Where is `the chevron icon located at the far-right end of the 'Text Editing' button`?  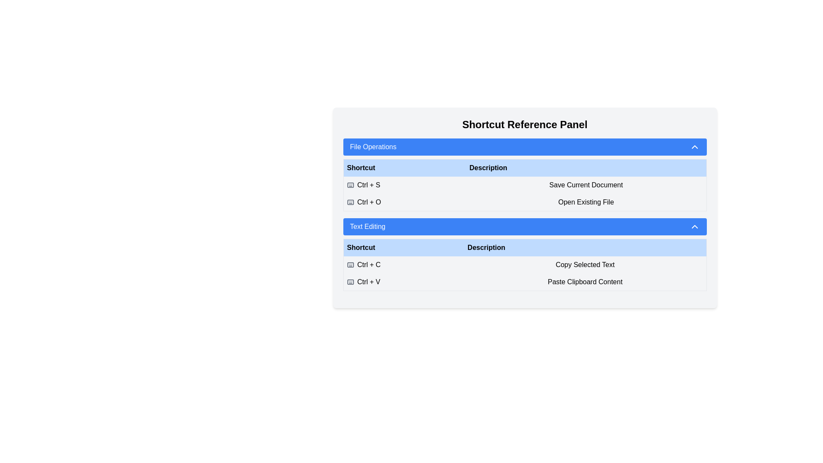
the chevron icon located at the far-right end of the 'Text Editing' button is located at coordinates (694, 226).